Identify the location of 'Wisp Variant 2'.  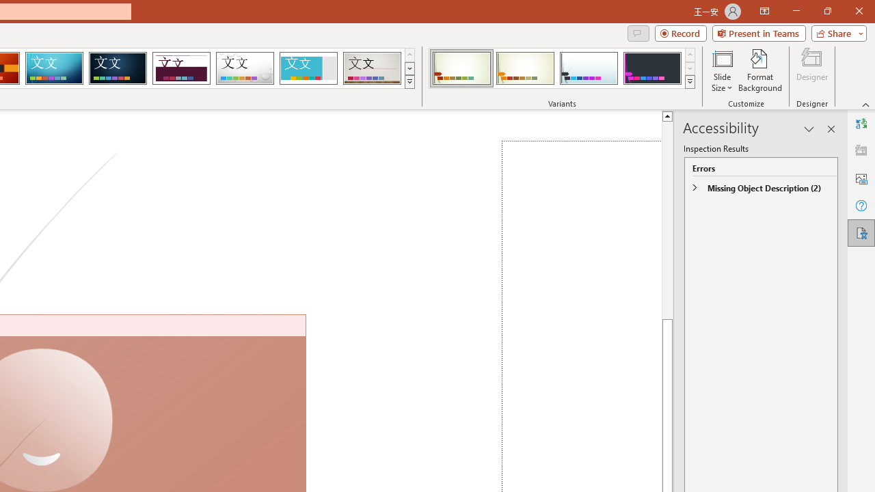
(524, 68).